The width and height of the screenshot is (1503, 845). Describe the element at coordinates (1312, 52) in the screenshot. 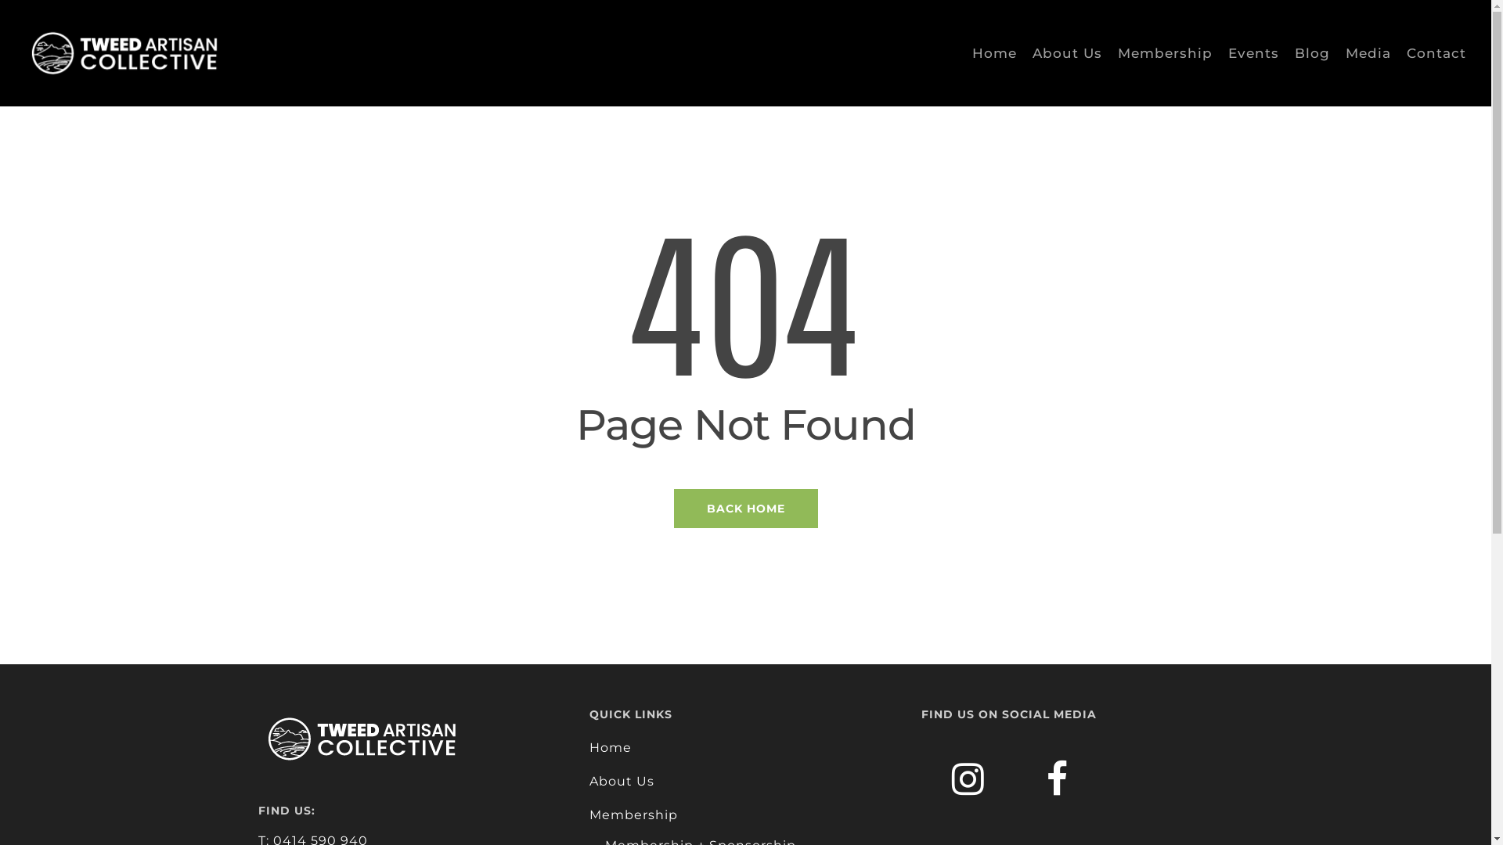

I see `'Blog'` at that location.